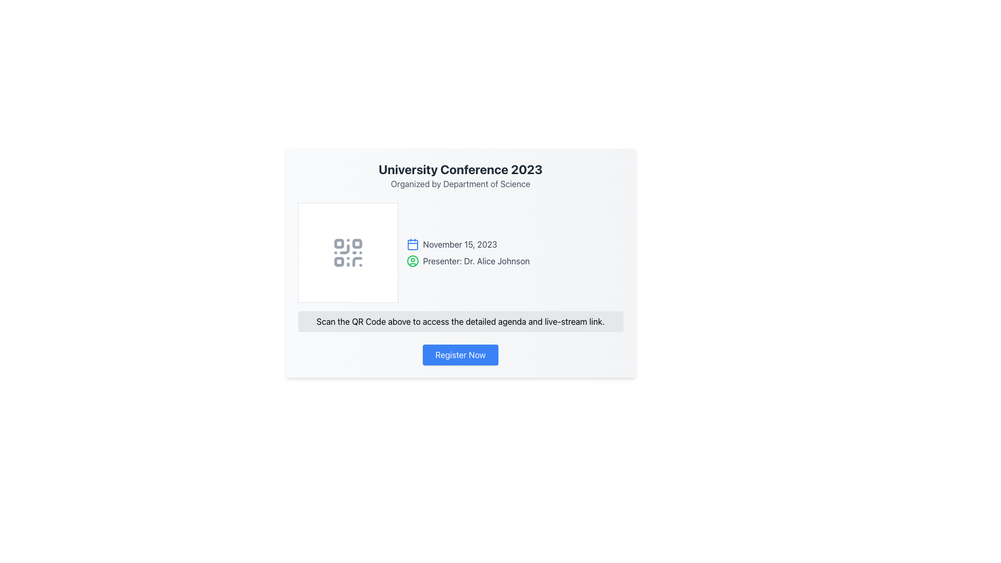 This screenshot has width=1001, height=563. Describe the element at coordinates (515, 244) in the screenshot. I see `the static information display element that shows the date of the event, located on the right-hand side of the layout above the presenter's name and picture` at that location.